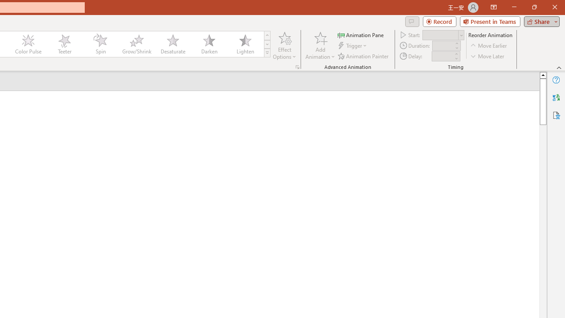 This screenshot has height=318, width=565. What do you see at coordinates (320, 45) in the screenshot?
I see `'Add Animation'` at bounding box center [320, 45].